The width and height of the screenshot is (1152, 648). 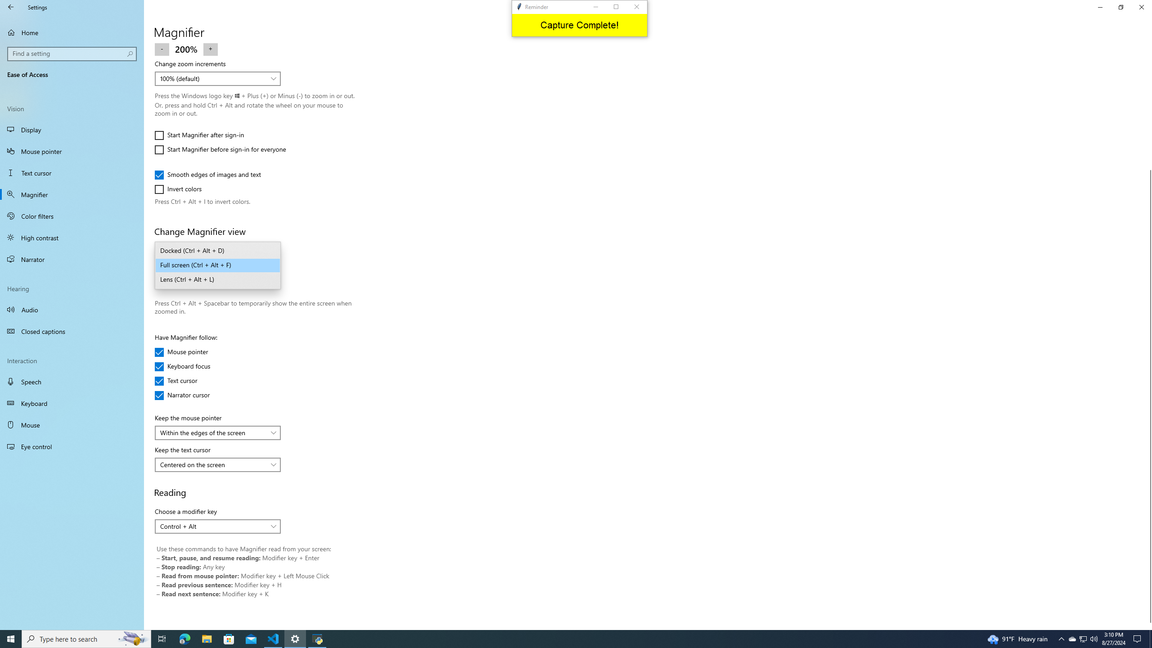 I want to click on 'Start Magnifier before sign-in for everyone', so click(x=220, y=149).